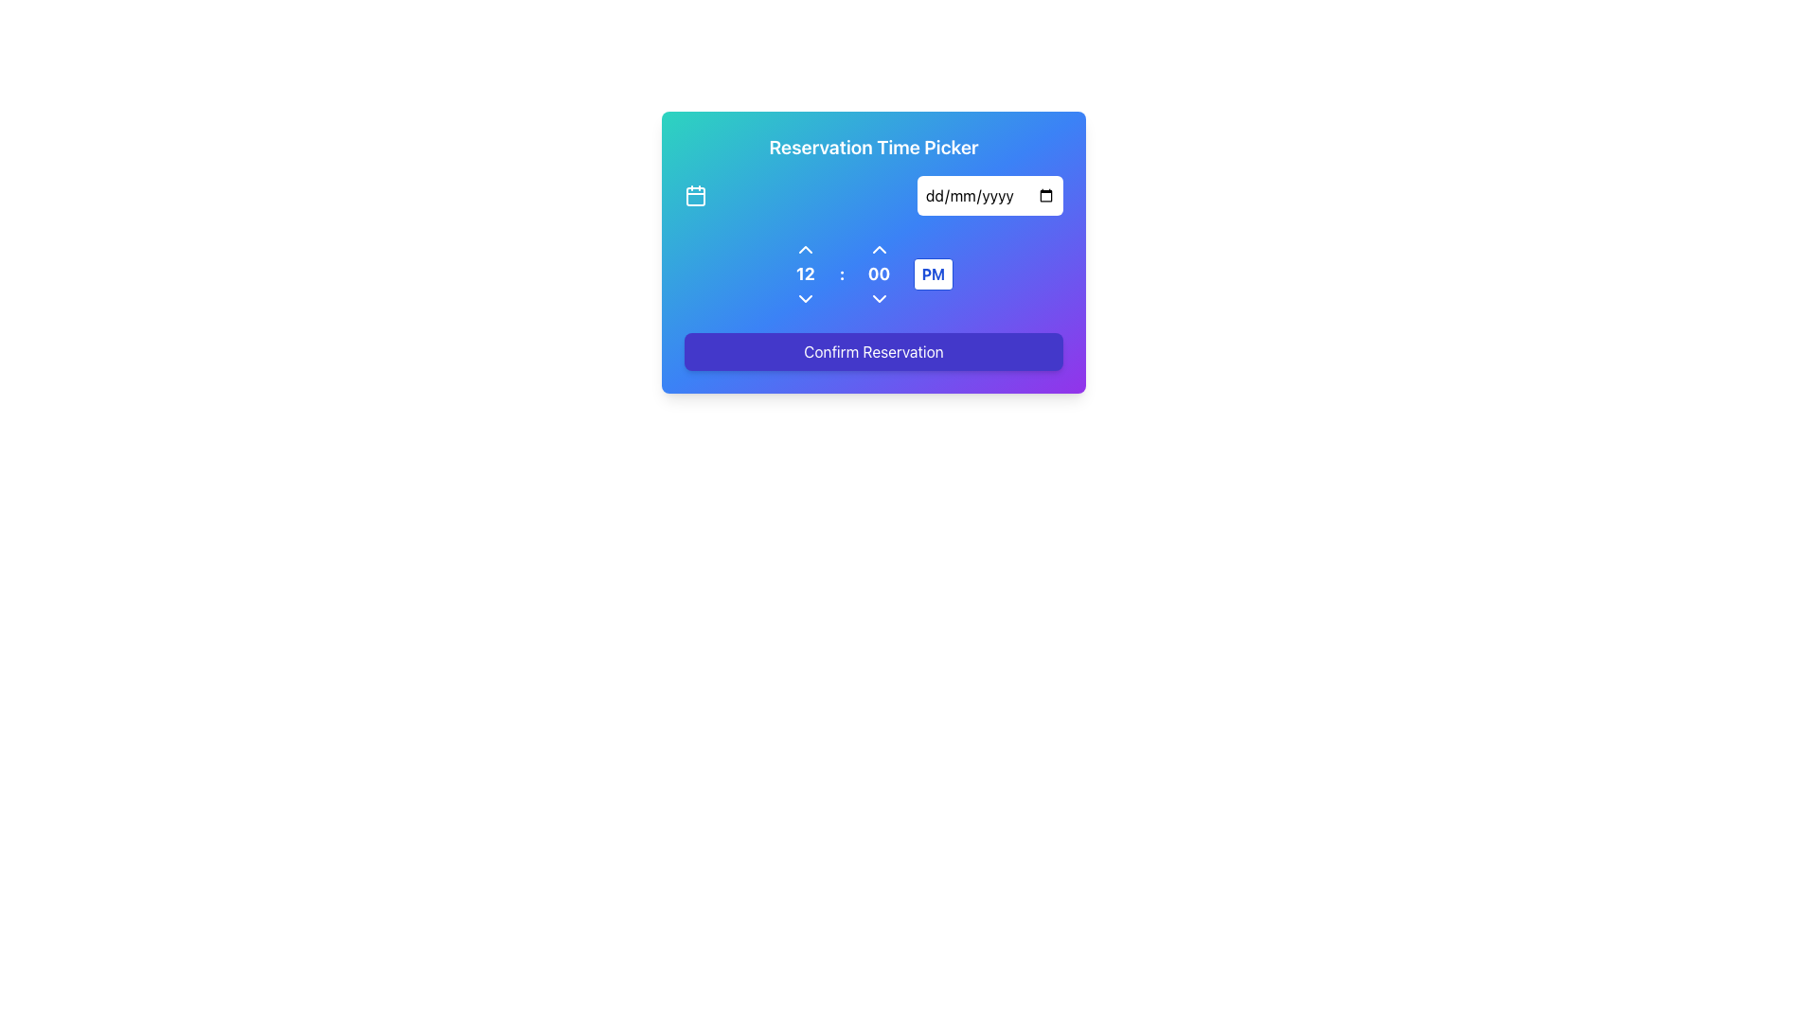 The width and height of the screenshot is (1818, 1022). What do you see at coordinates (805, 273) in the screenshot?
I see `the Text Display element that shows the number '12', styled with bold, white text on a transparent background` at bounding box center [805, 273].